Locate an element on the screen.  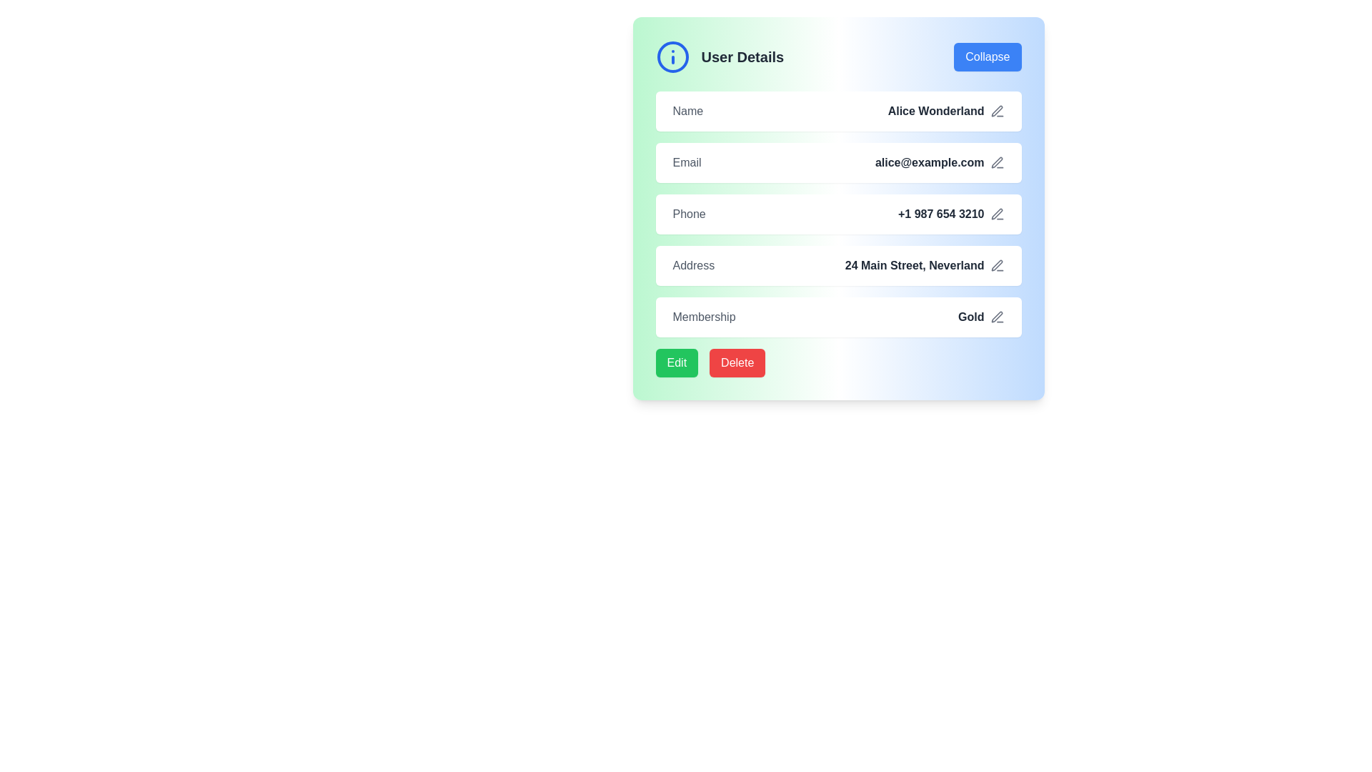
the delete button located to the right of the green 'Edit' button in the horizontal button group at the bottom of the card to initiate the delete action is located at coordinates (737, 362).